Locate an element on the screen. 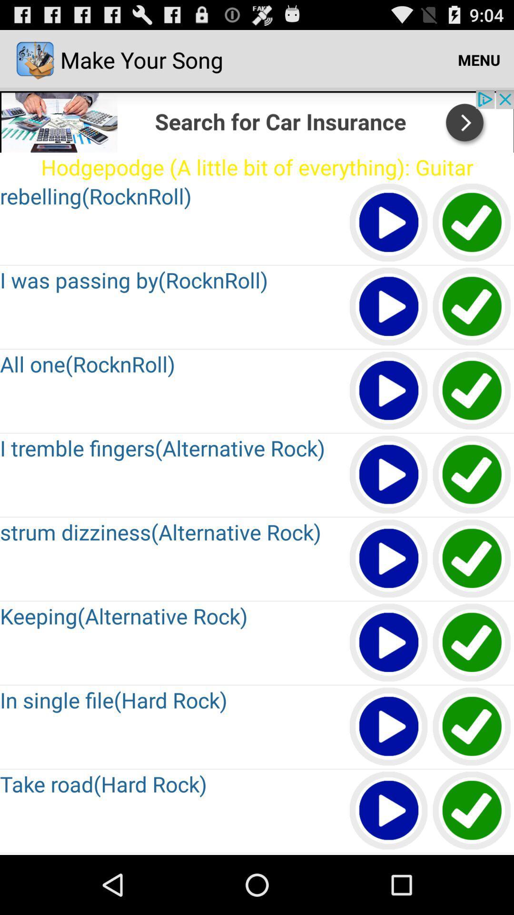  play is located at coordinates (389, 726).